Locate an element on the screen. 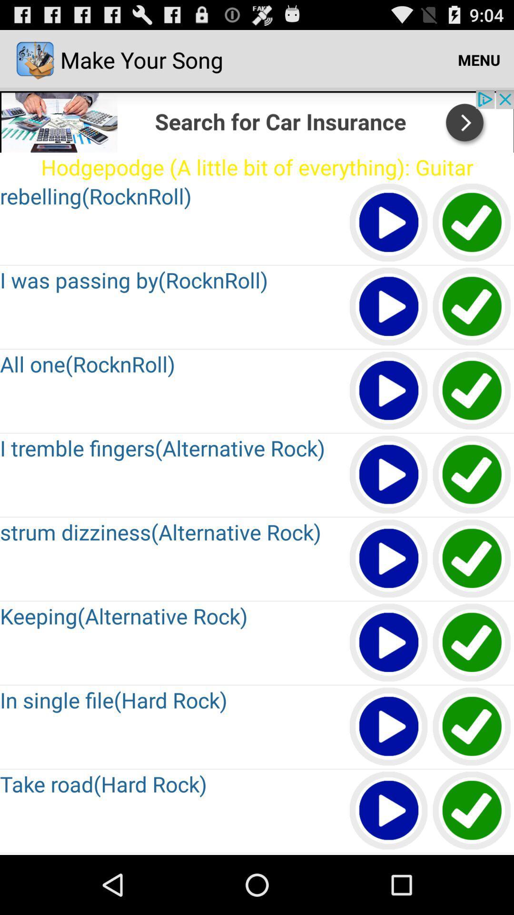  play is located at coordinates (389, 726).